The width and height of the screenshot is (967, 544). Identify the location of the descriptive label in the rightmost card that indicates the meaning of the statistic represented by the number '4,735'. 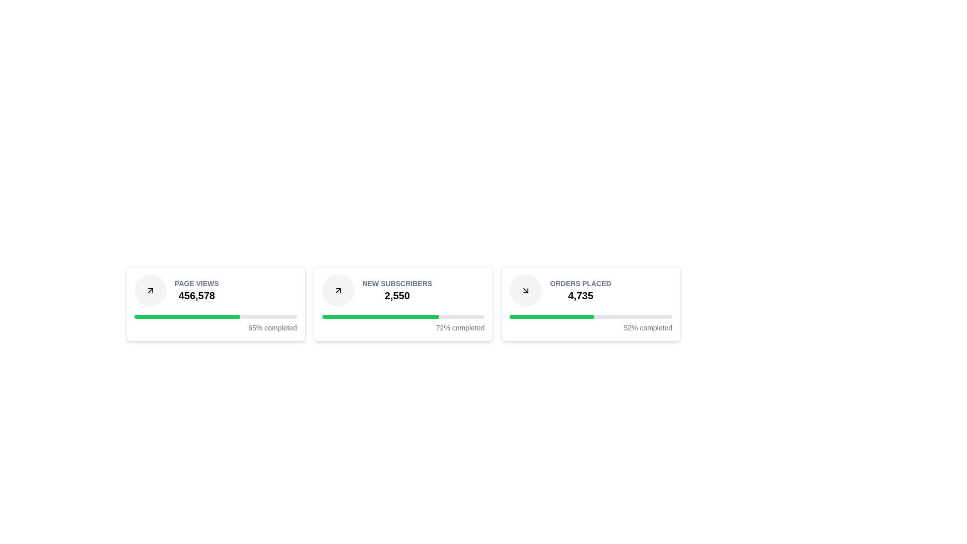
(580, 284).